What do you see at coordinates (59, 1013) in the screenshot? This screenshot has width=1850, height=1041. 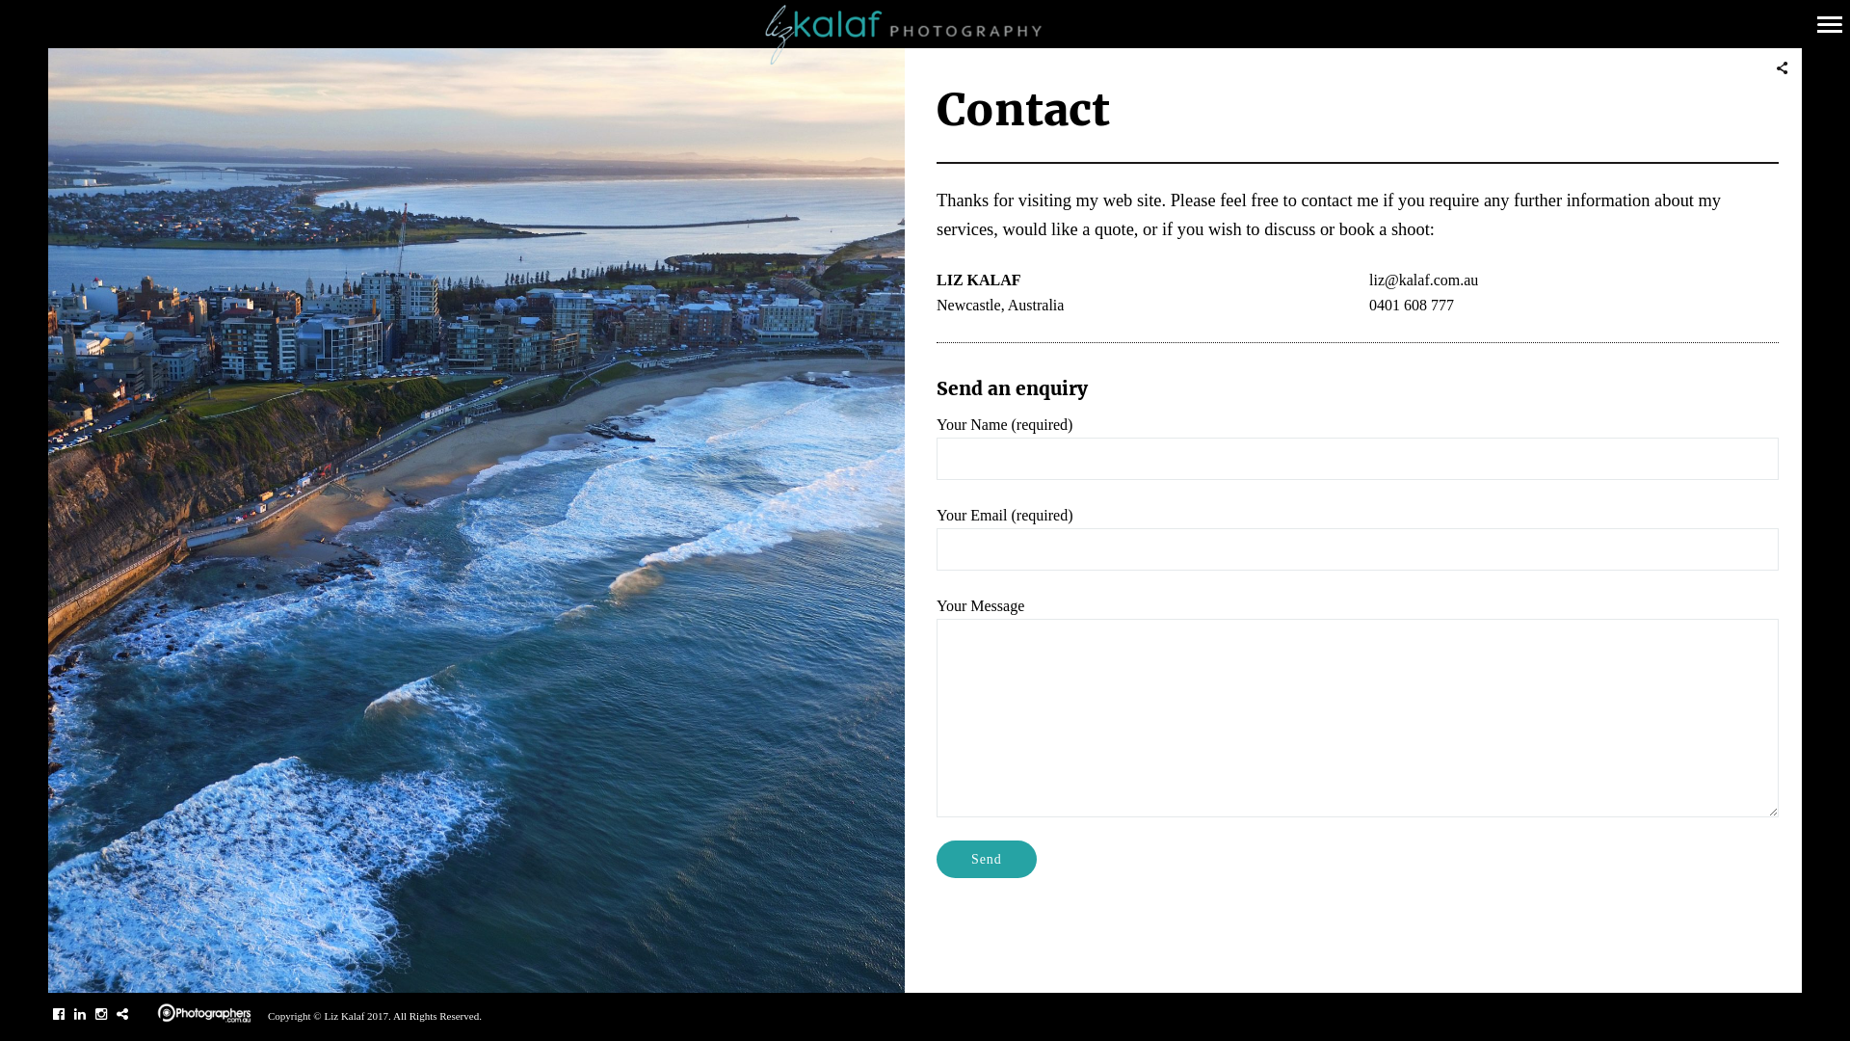 I see `'Facebook'` at bounding box center [59, 1013].